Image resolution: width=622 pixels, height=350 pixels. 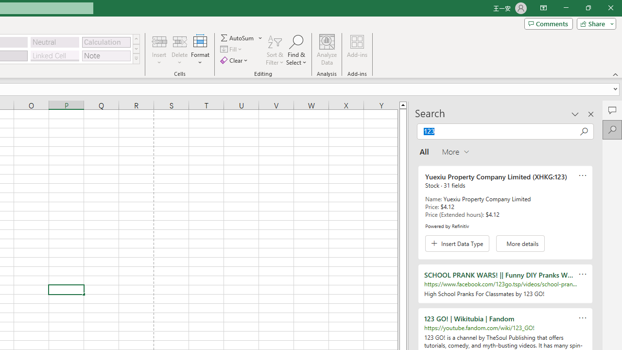 I want to click on 'Share', so click(x=594, y=23).